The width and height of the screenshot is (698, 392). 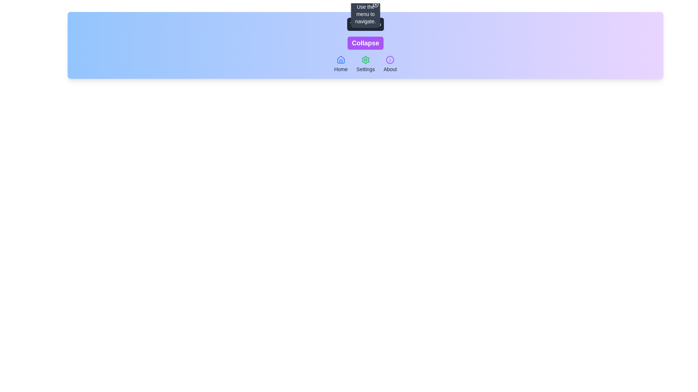 What do you see at coordinates (365, 60) in the screenshot?
I see `the gear icon located centrally in the navigation bar above the 'Settings' label` at bounding box center [365, 60].